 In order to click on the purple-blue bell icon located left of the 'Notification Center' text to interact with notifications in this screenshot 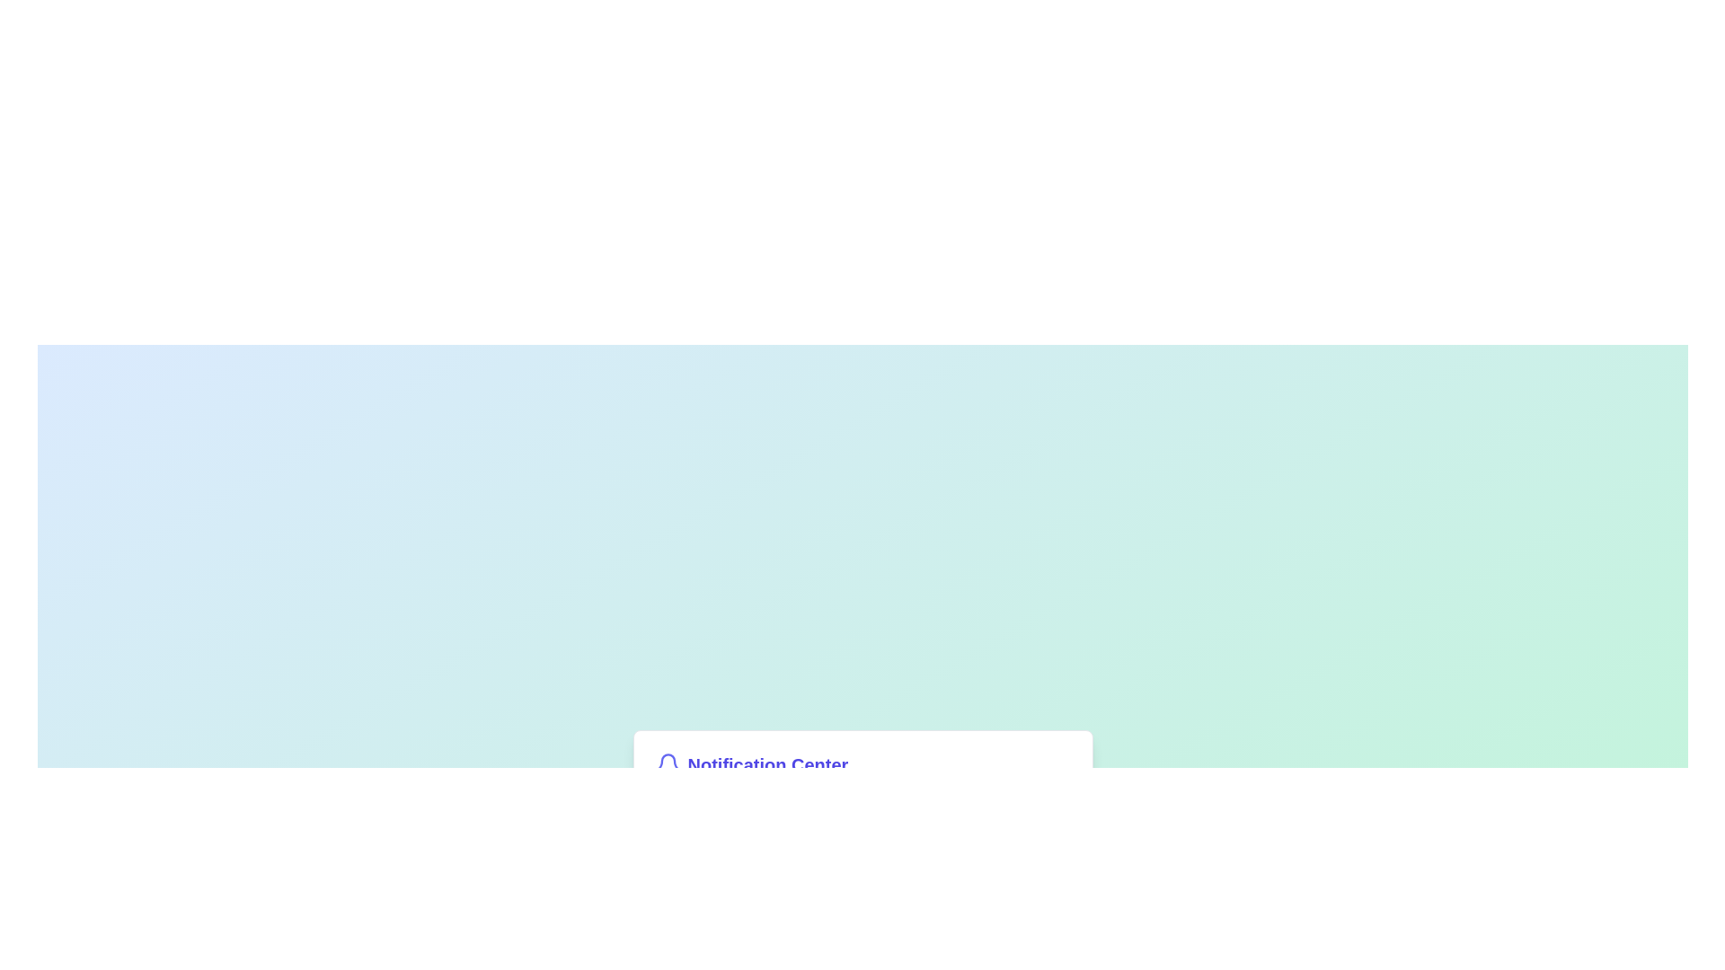, I will do `click(667, 765)`.